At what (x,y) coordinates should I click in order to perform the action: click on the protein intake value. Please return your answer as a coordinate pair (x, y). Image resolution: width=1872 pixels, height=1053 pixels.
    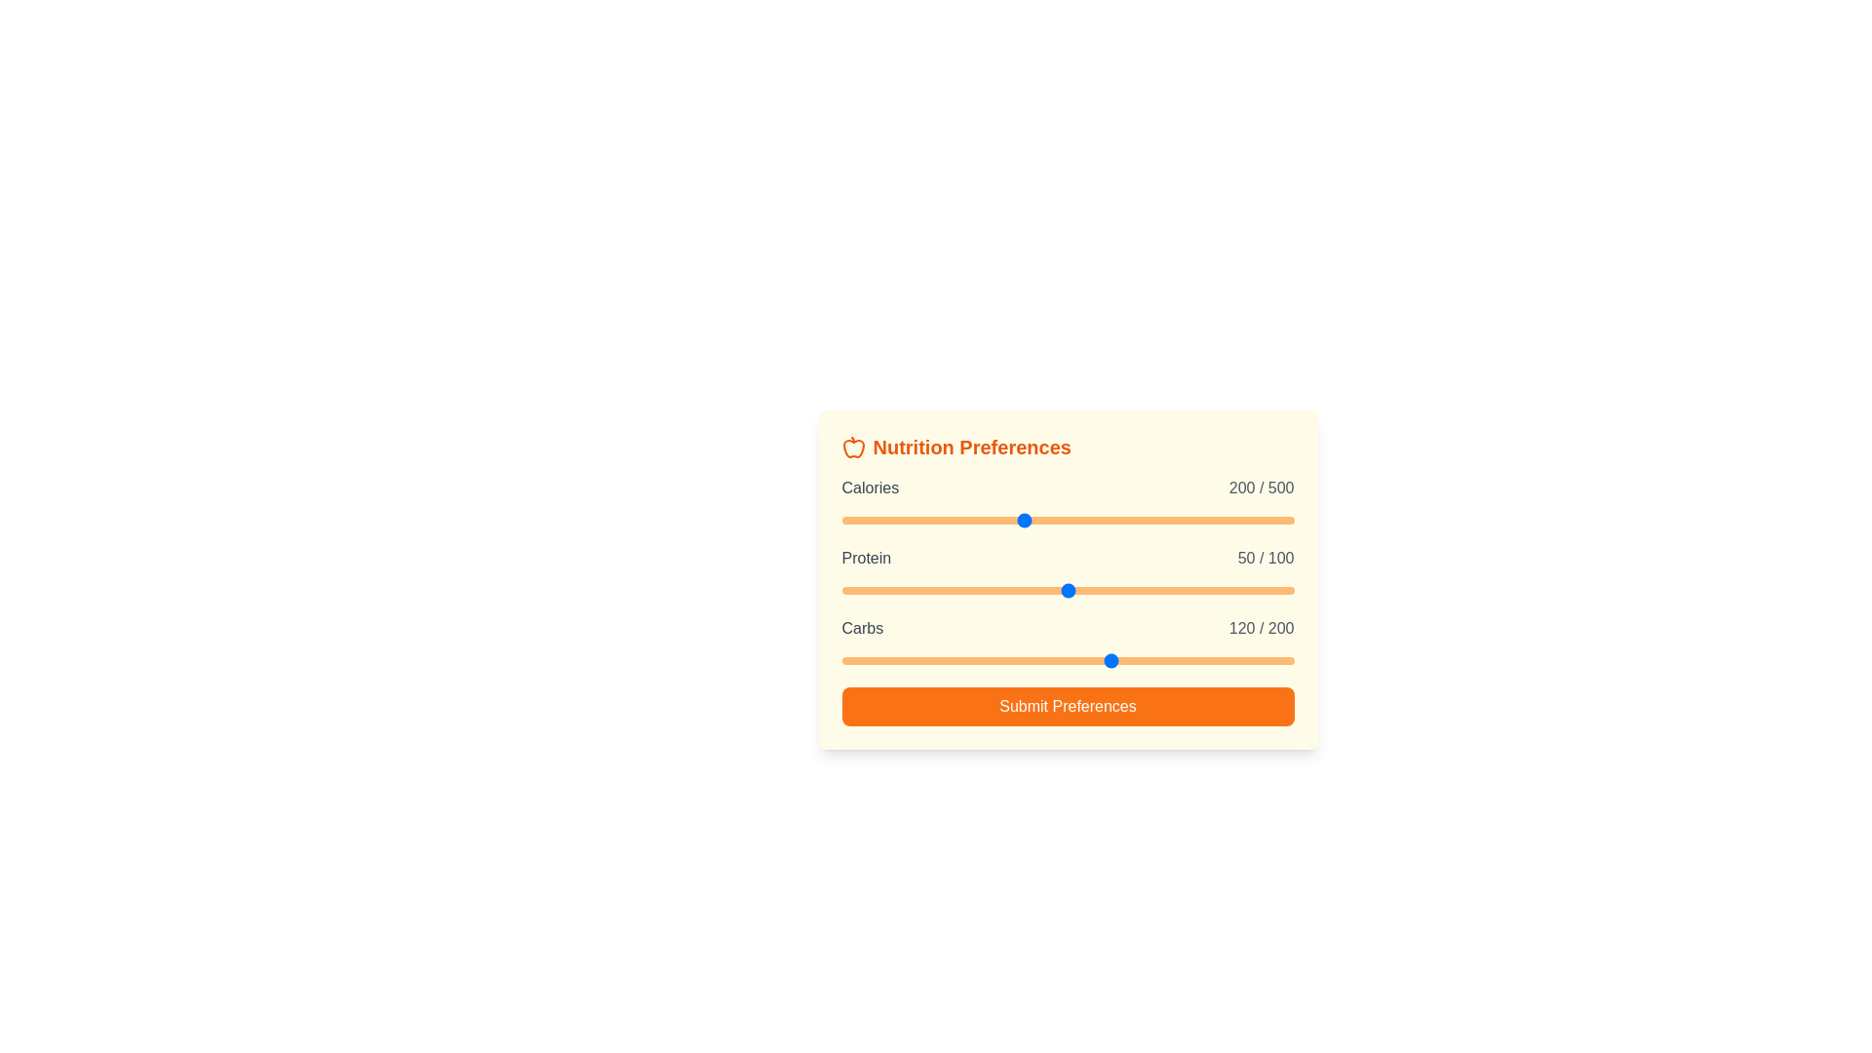
    Looking at the image, I should click on (1289, 589).